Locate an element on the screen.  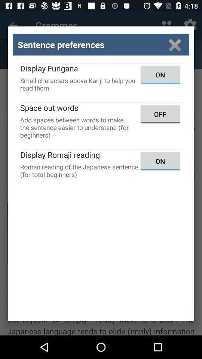
the item above on is located at coordinates (175, 45).